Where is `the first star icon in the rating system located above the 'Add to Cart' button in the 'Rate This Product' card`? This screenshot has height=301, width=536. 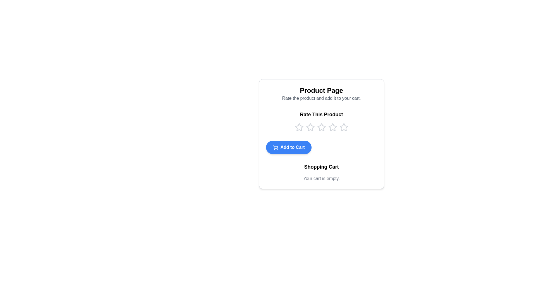 the first star icon in the rating system located above the 'Add to Cart' button in the 'Rate This Product' card is located at coordinates (299, 127).